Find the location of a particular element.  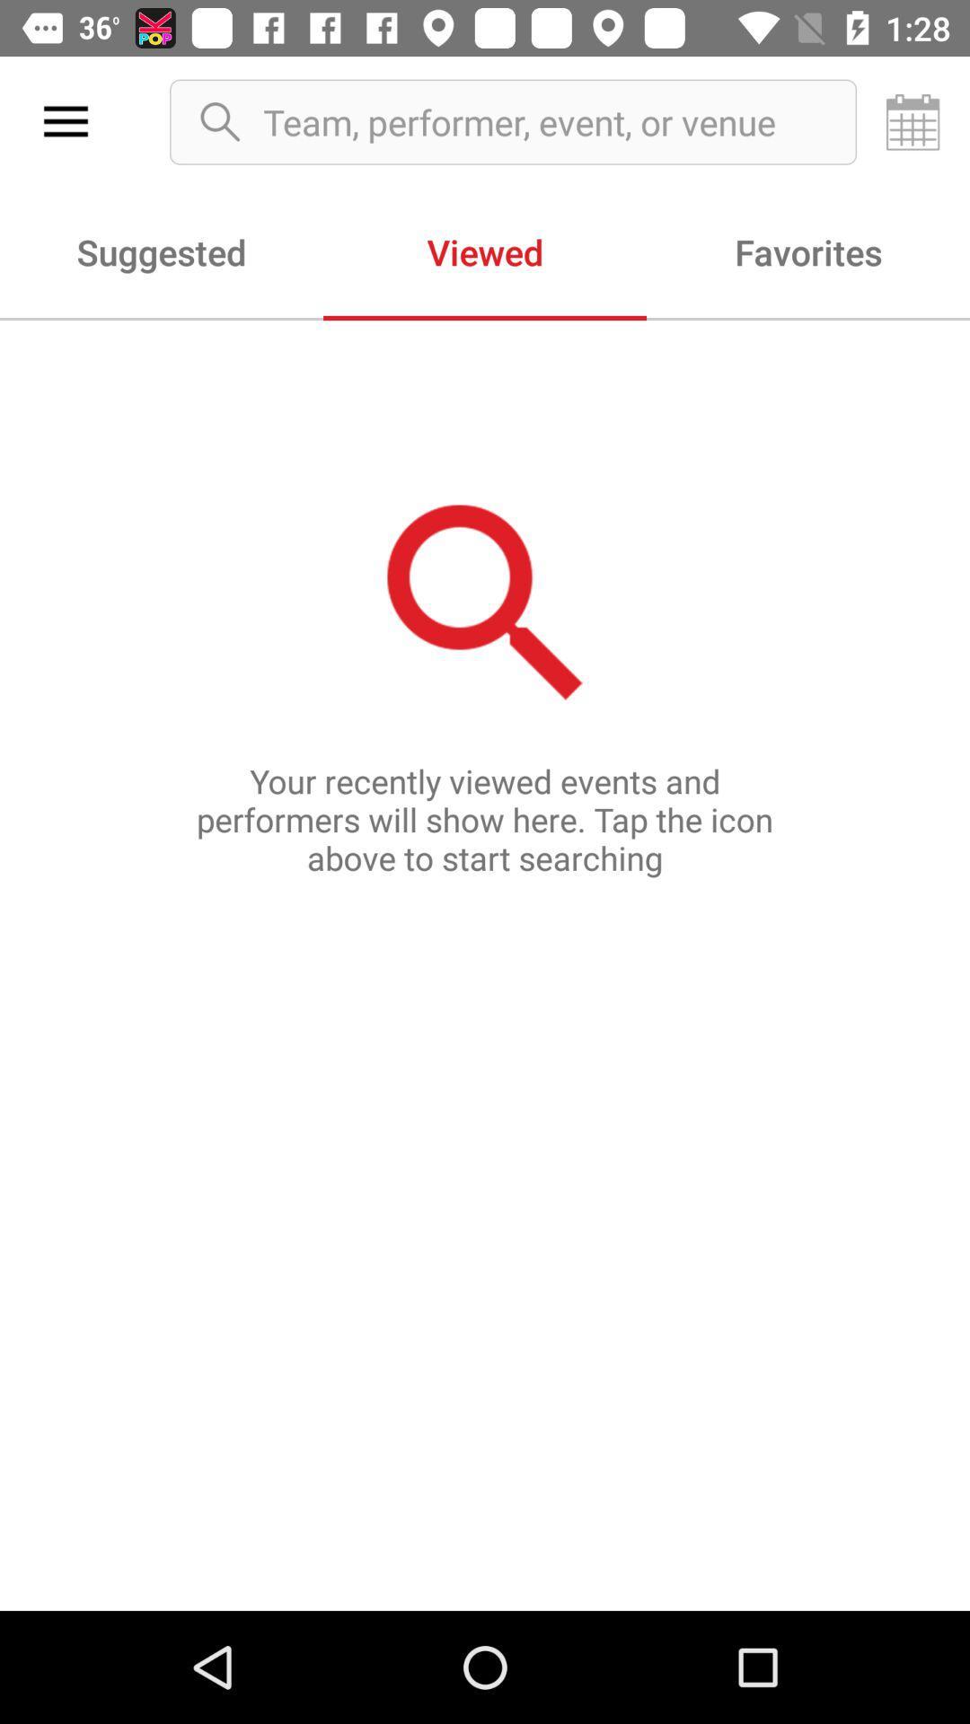

favorites icon is located at coordinates (807, 251).